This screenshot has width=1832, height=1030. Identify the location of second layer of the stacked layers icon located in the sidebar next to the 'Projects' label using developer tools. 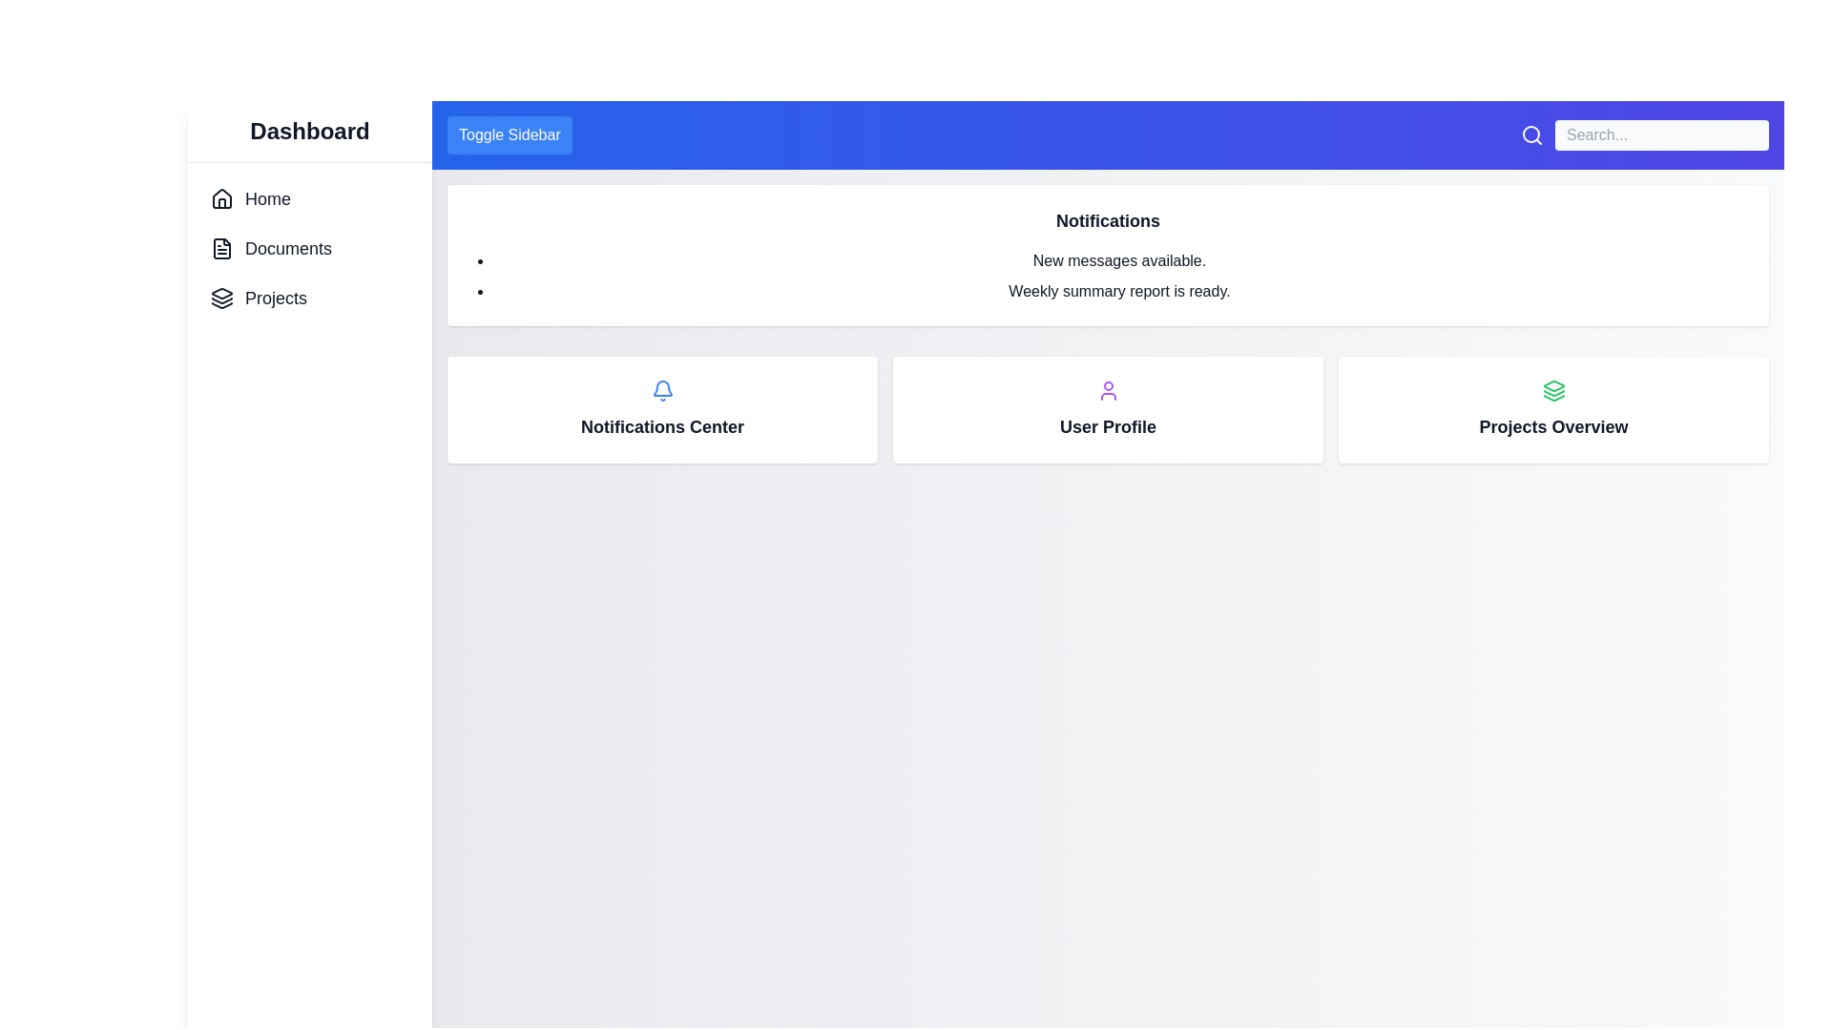
(222, 300).